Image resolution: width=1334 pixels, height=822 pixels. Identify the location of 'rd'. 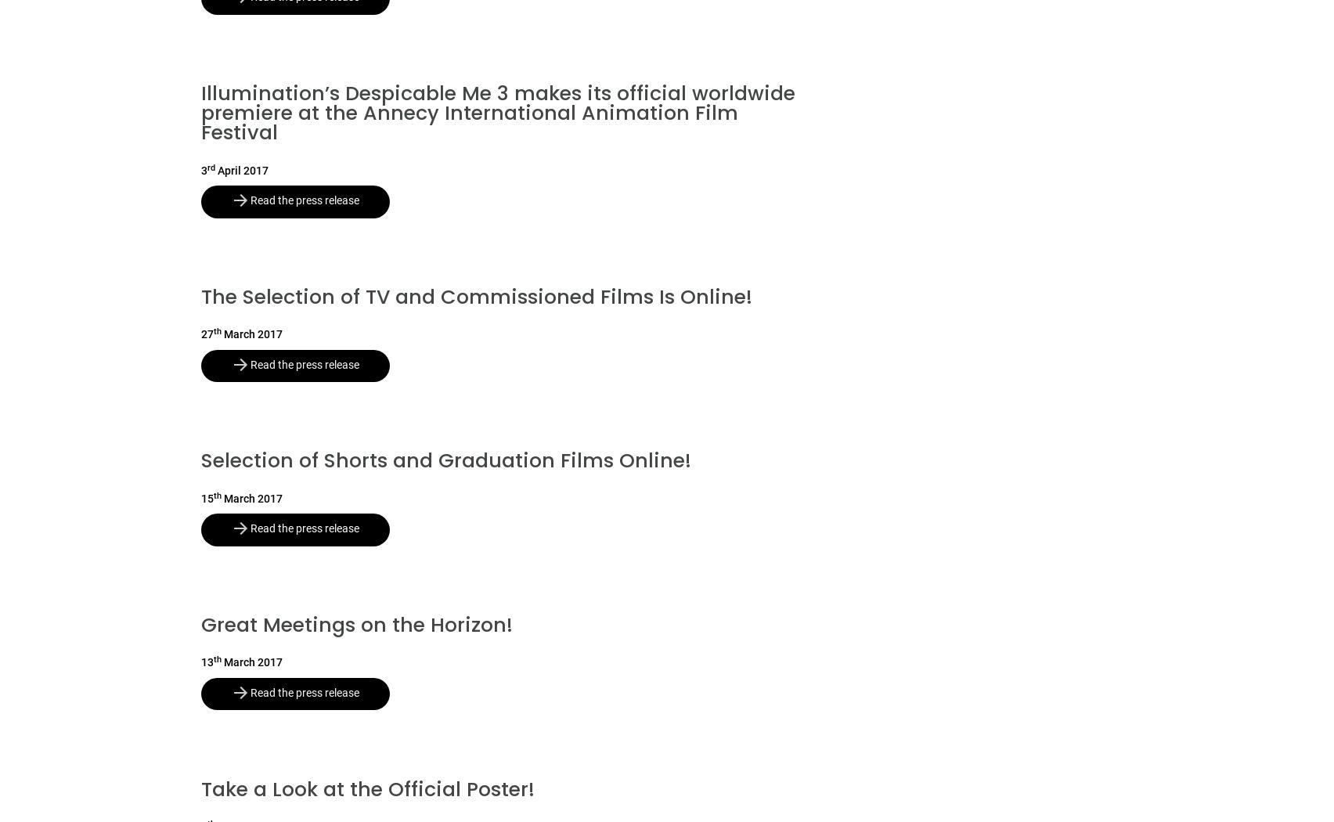
(211, 166).